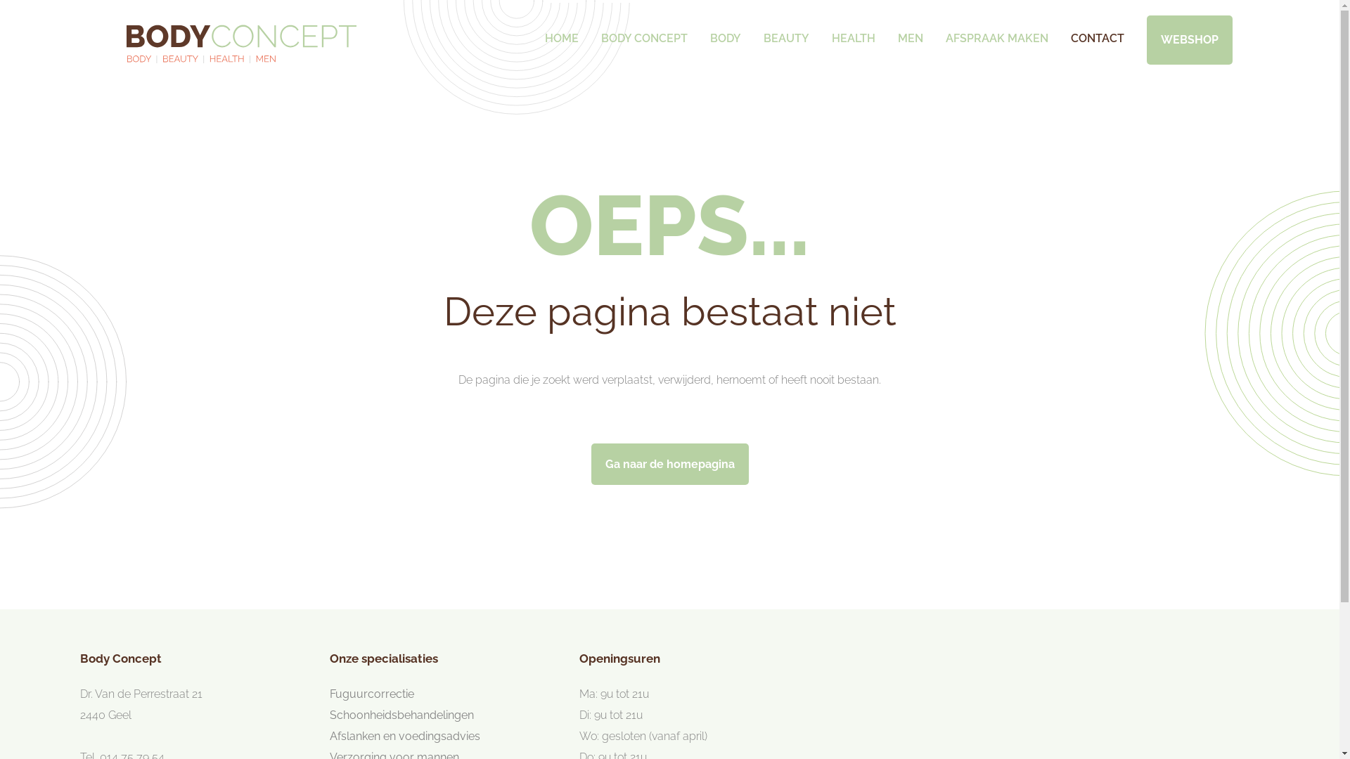  What do you see at coordinates (560, 30) in the screenshot?
I see `'HOME'` at bounding box center [560, 30].